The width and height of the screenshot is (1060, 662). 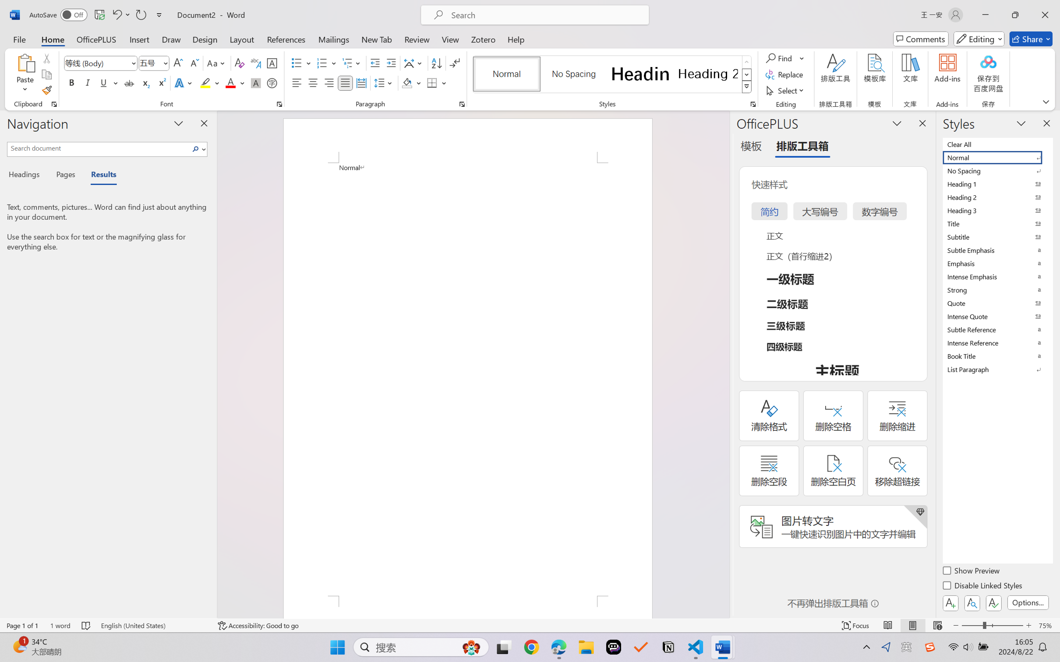 I want to click on 'Shrink Font', so click(x=193, y=63).